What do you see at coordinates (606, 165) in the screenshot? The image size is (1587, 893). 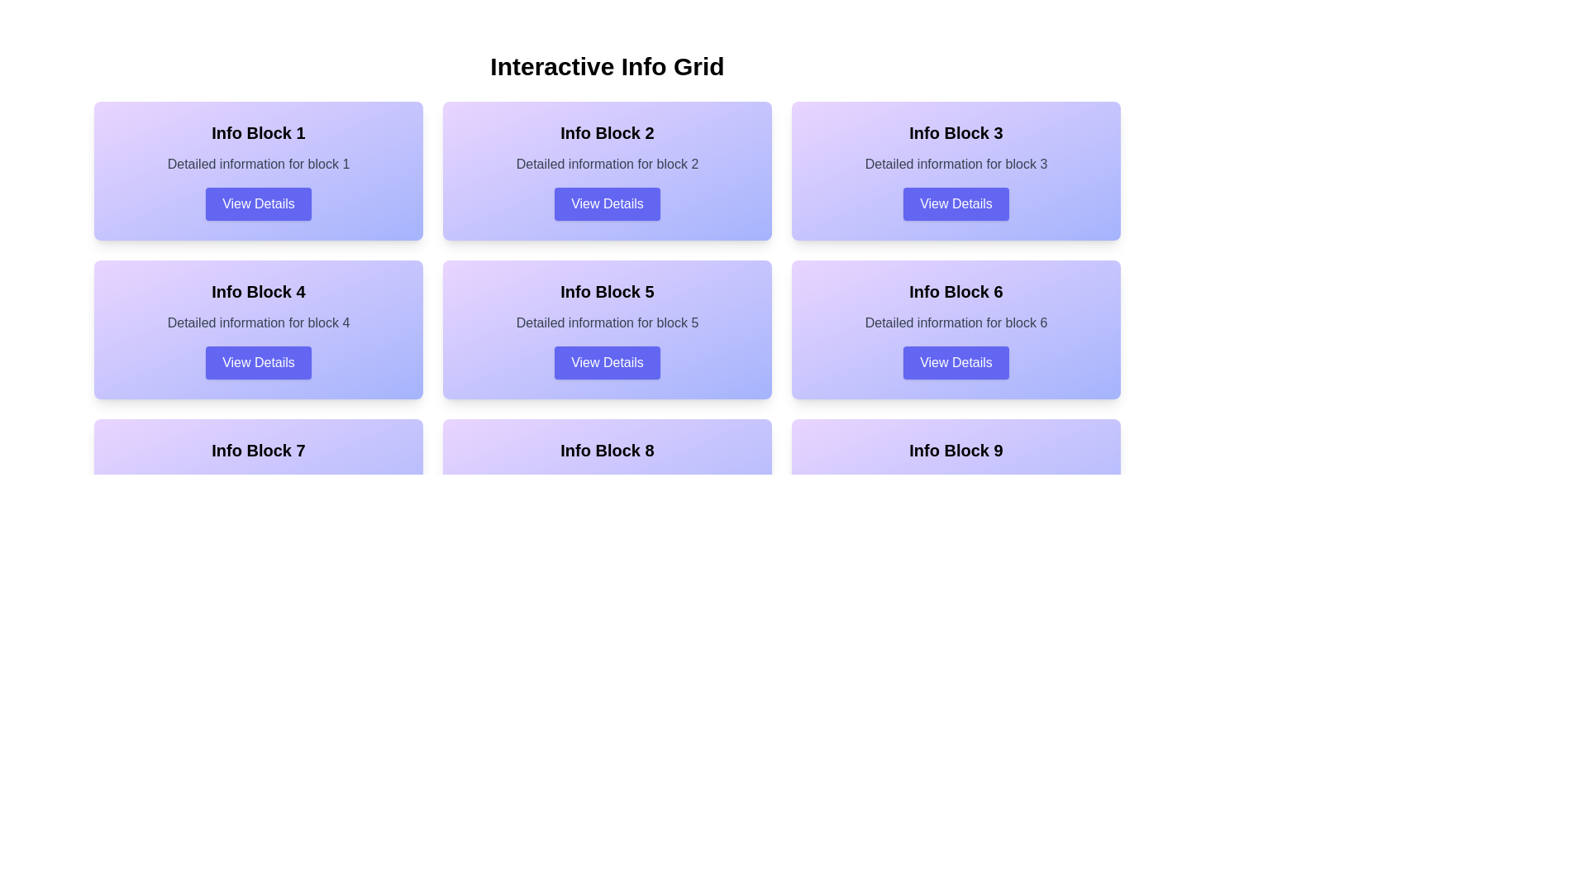 I see `the text label that displays 'Detailed information for block 2', which is styled in gray and located below the title 'Info Block 2'` at bounding box center [606, 165].